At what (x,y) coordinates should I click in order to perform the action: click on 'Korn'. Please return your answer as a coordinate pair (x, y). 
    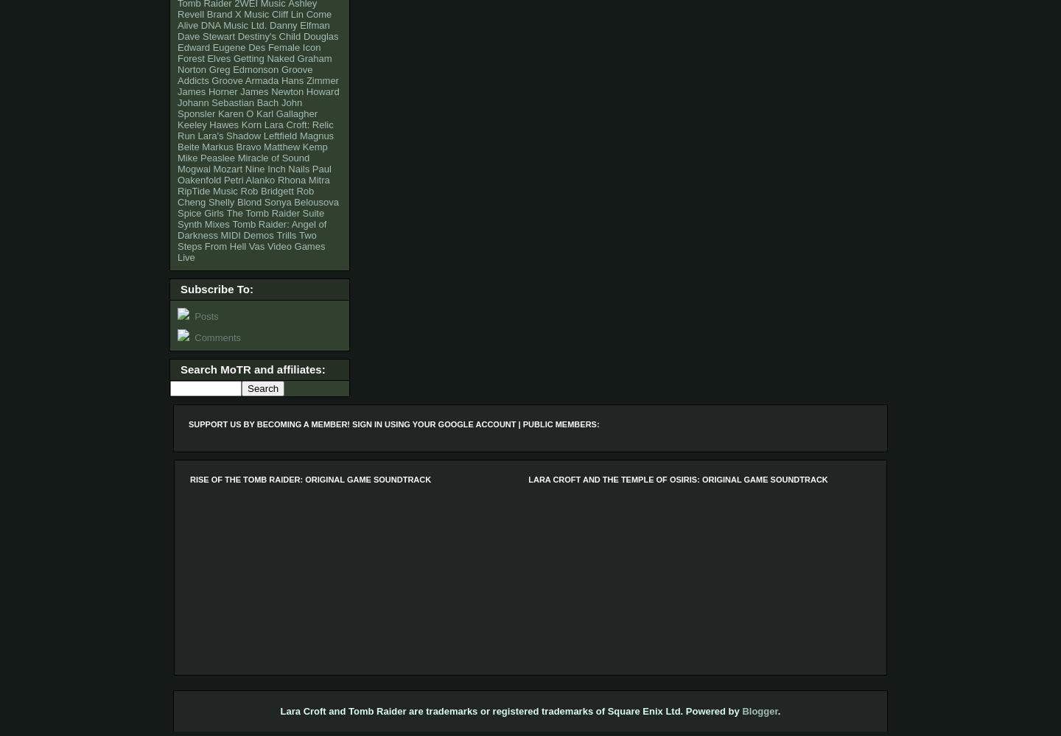
    Looking at the image, I should click on (251, 124).